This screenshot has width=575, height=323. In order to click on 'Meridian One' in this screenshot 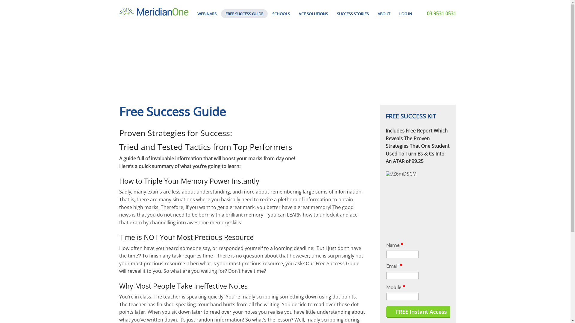, I will do `click(153, 11)`.